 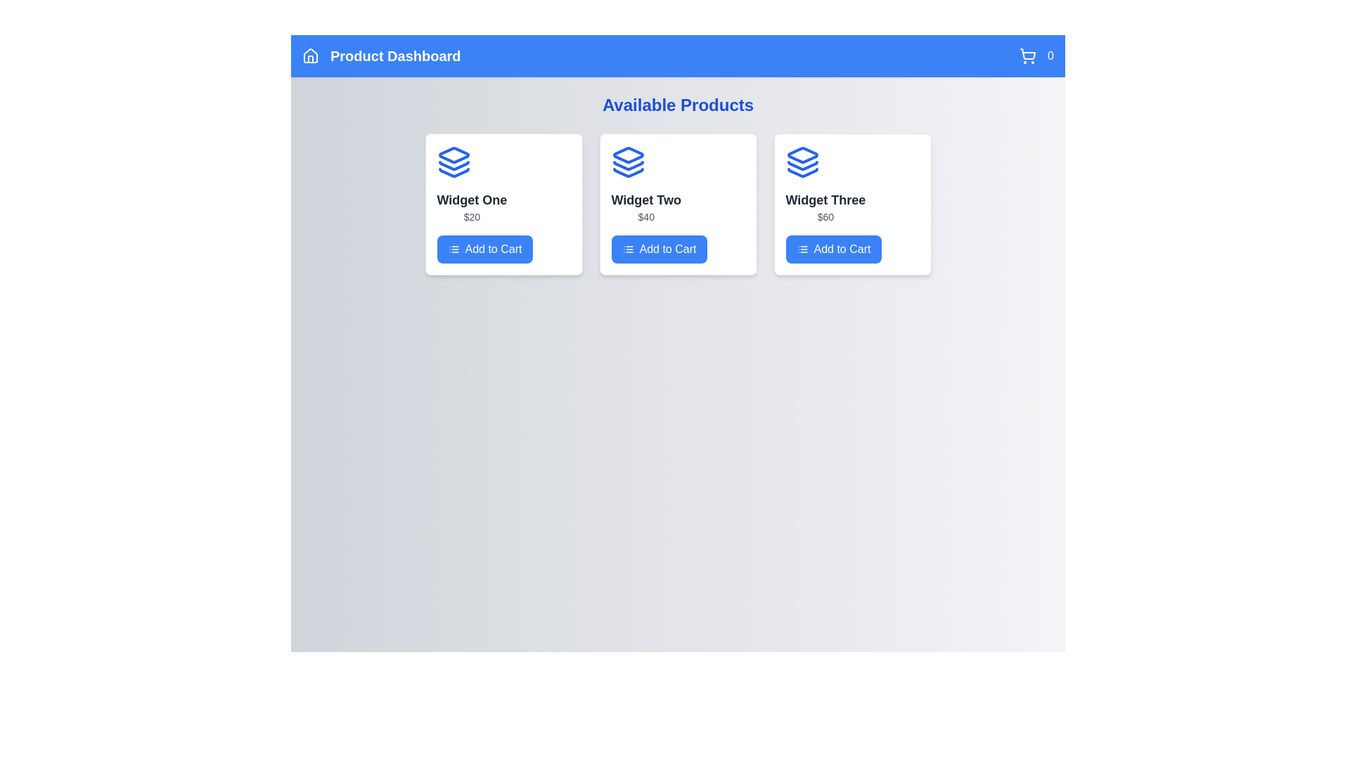 What do you see at coordinates (825, 200) in the screenshot?
I see `the text label that serves as the title of the specific product in the third card from the left in the product catalog` at bounding box center [825, 200].